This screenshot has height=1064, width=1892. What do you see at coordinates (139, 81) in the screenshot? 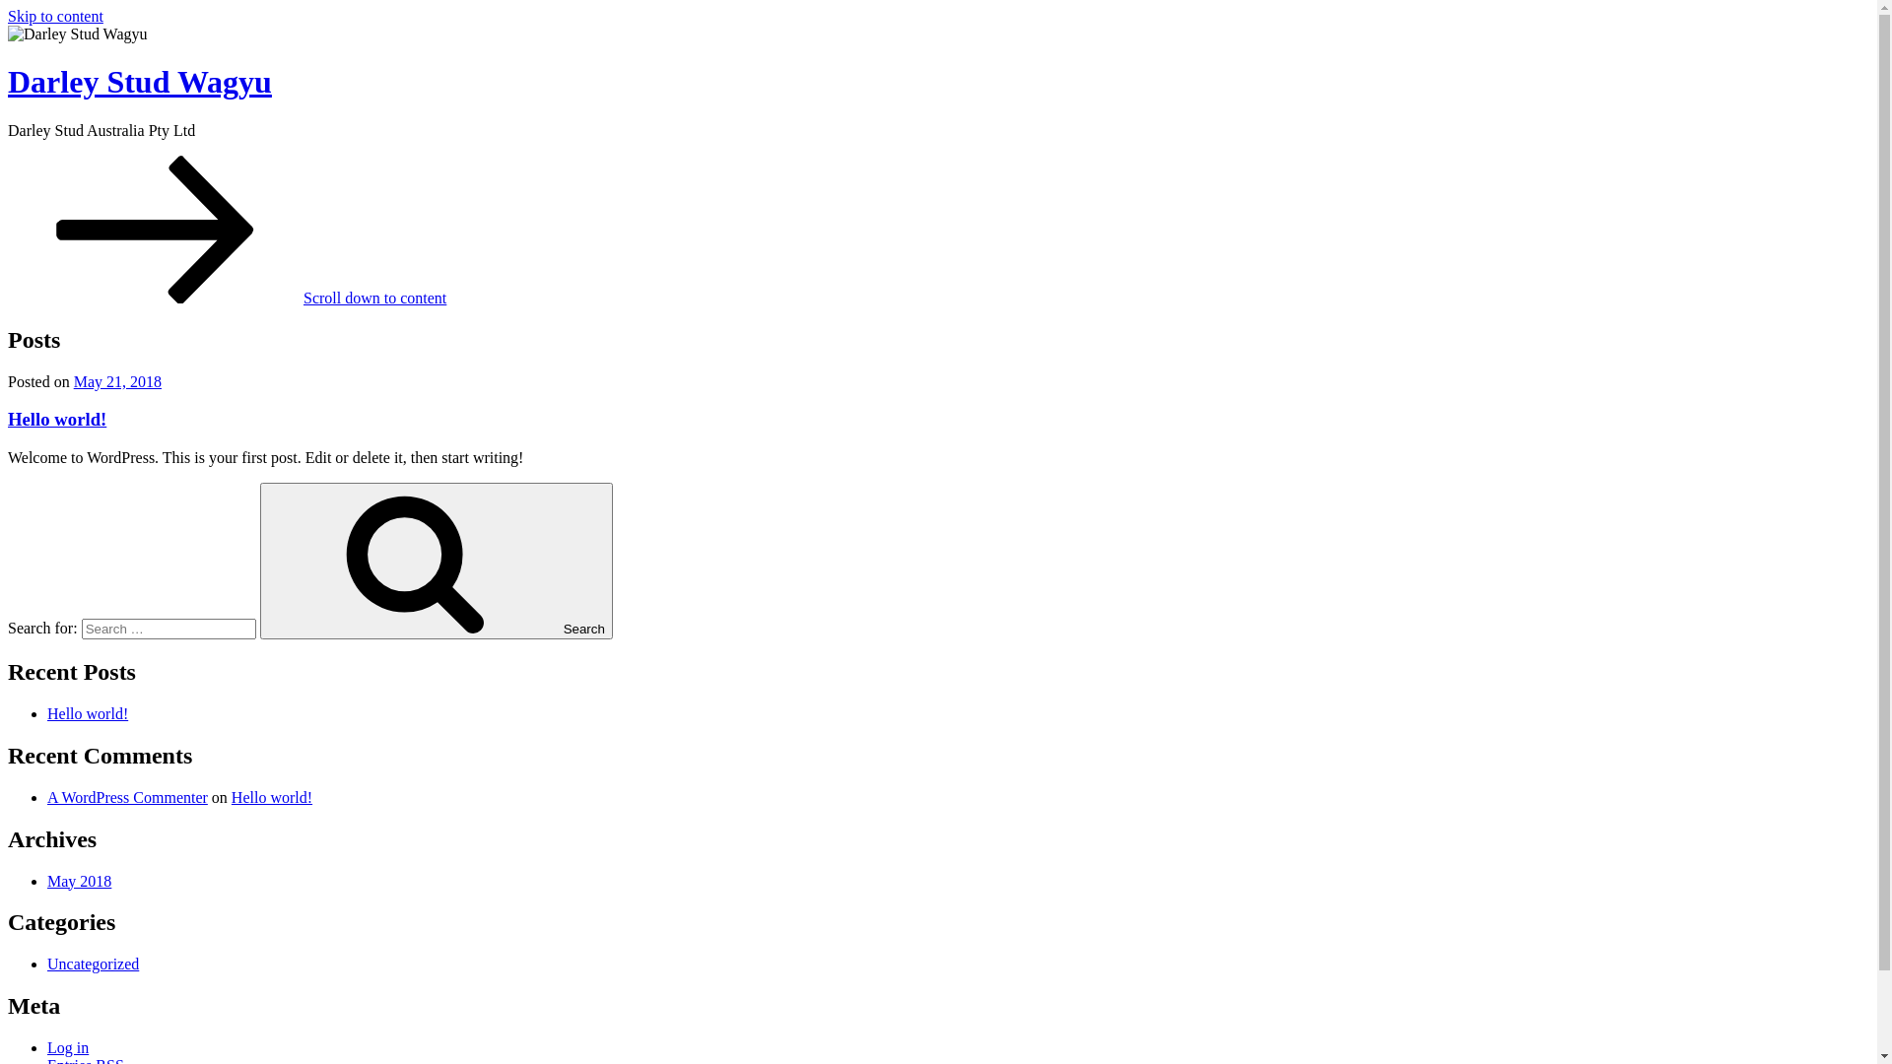
I see `'Darley Stud Wagyu'` at bounding box center [139, 81].